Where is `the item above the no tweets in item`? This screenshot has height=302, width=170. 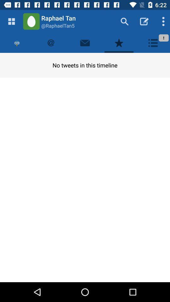 the item above the no tweets in item is located at coordinates (51, 42).